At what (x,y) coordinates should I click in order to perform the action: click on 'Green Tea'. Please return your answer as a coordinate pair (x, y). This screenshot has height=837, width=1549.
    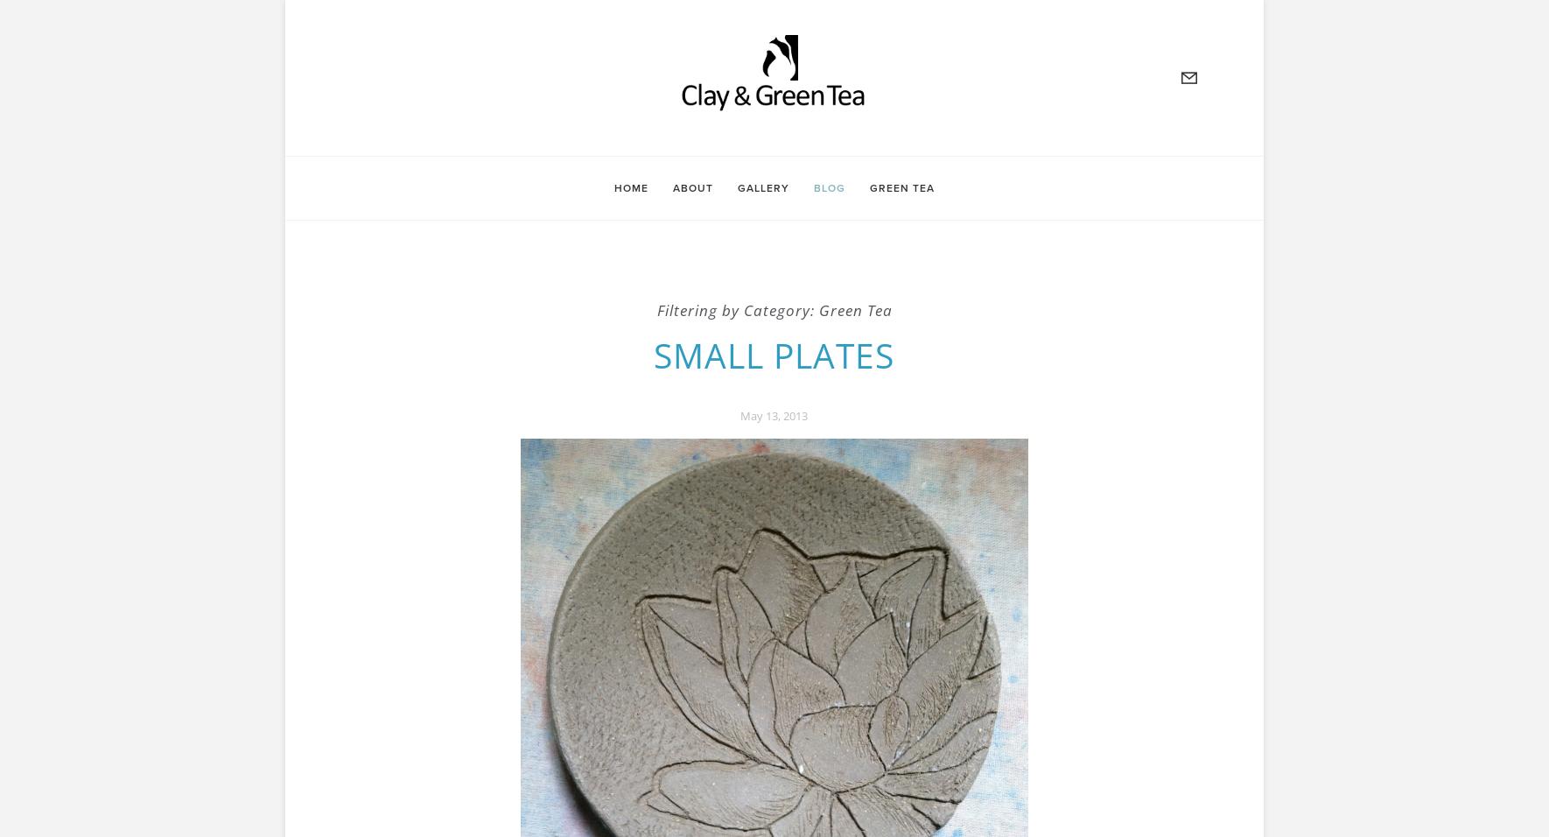
    Looking at the image, I should click on (901, 186).